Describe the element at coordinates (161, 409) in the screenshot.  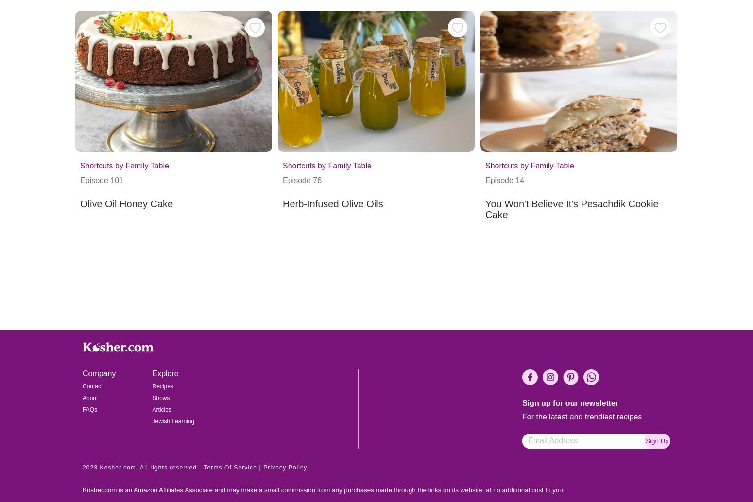
I see `'Articles'` at that location.